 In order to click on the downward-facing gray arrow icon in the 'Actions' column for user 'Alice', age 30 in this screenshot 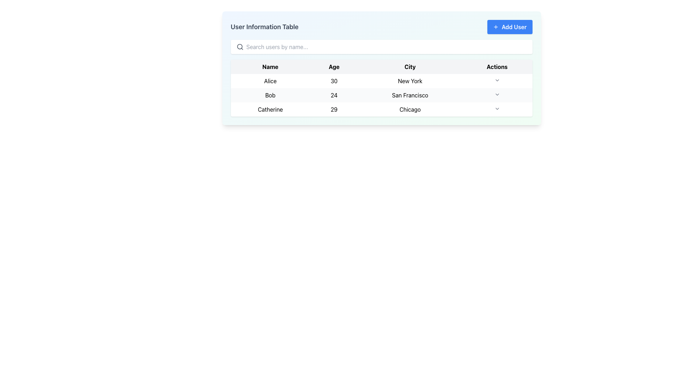, I will do `click(497, 80)`.